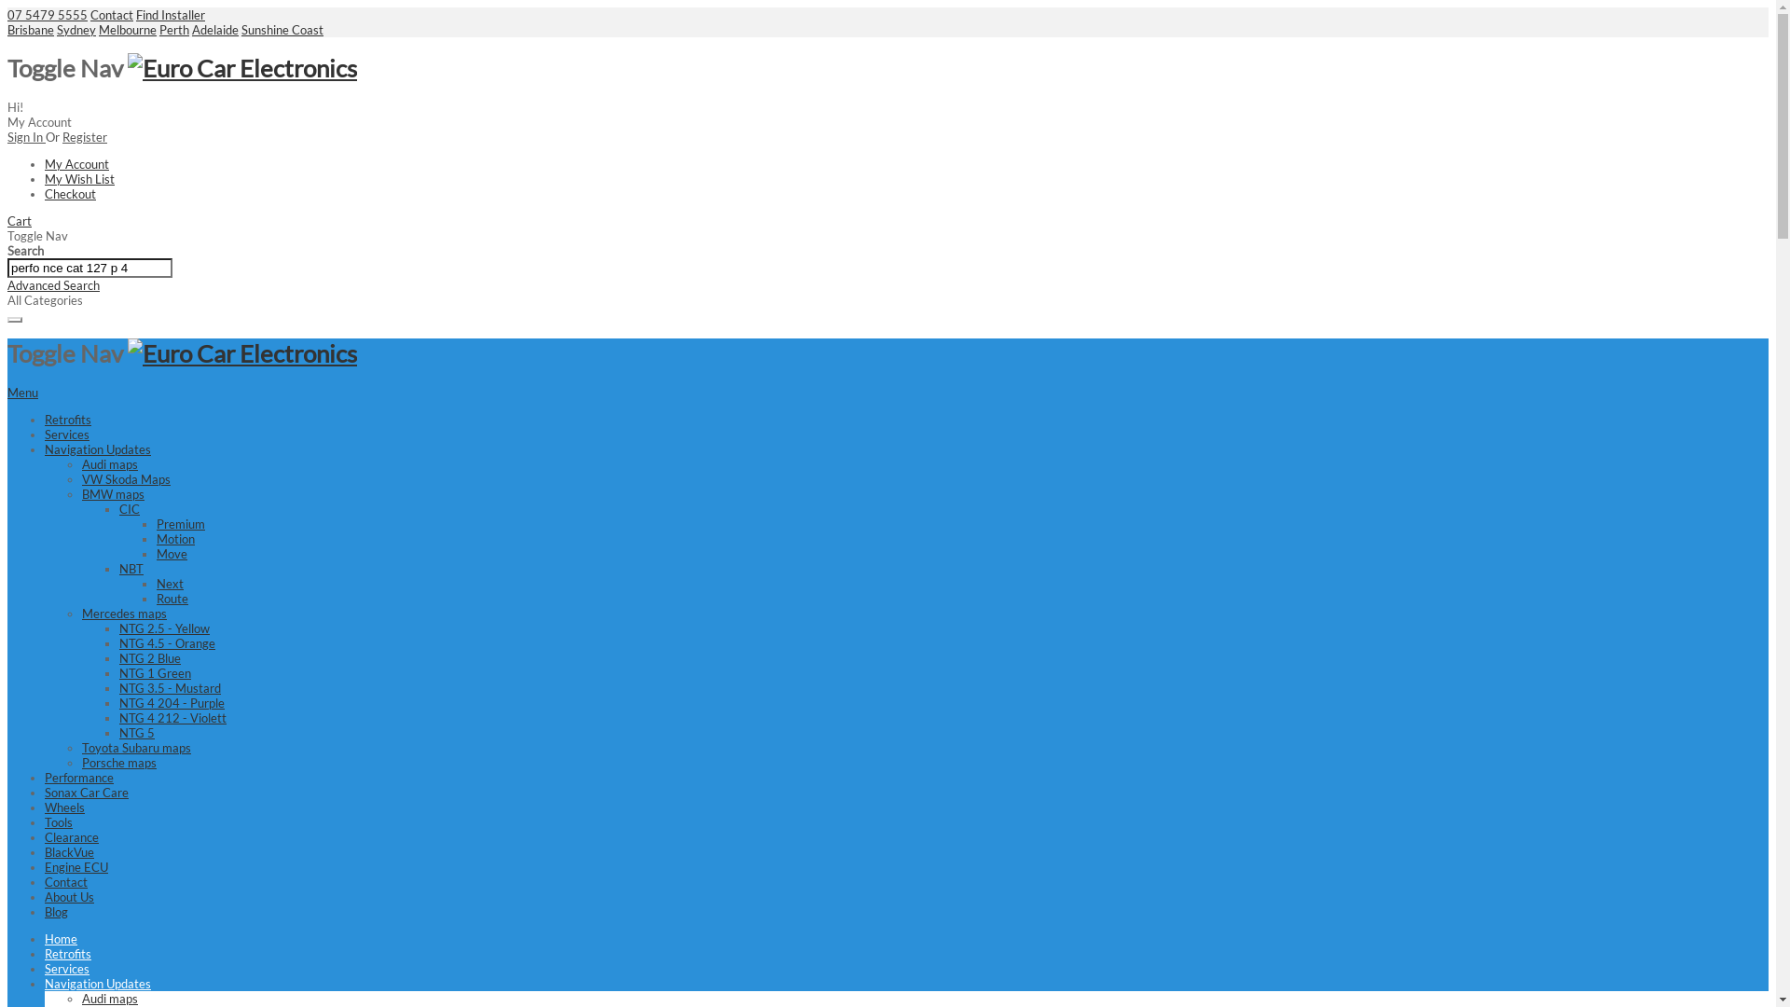  Describe the element at coordinates (78, 777) in the screenshot. I see `'Performance'` at that location.